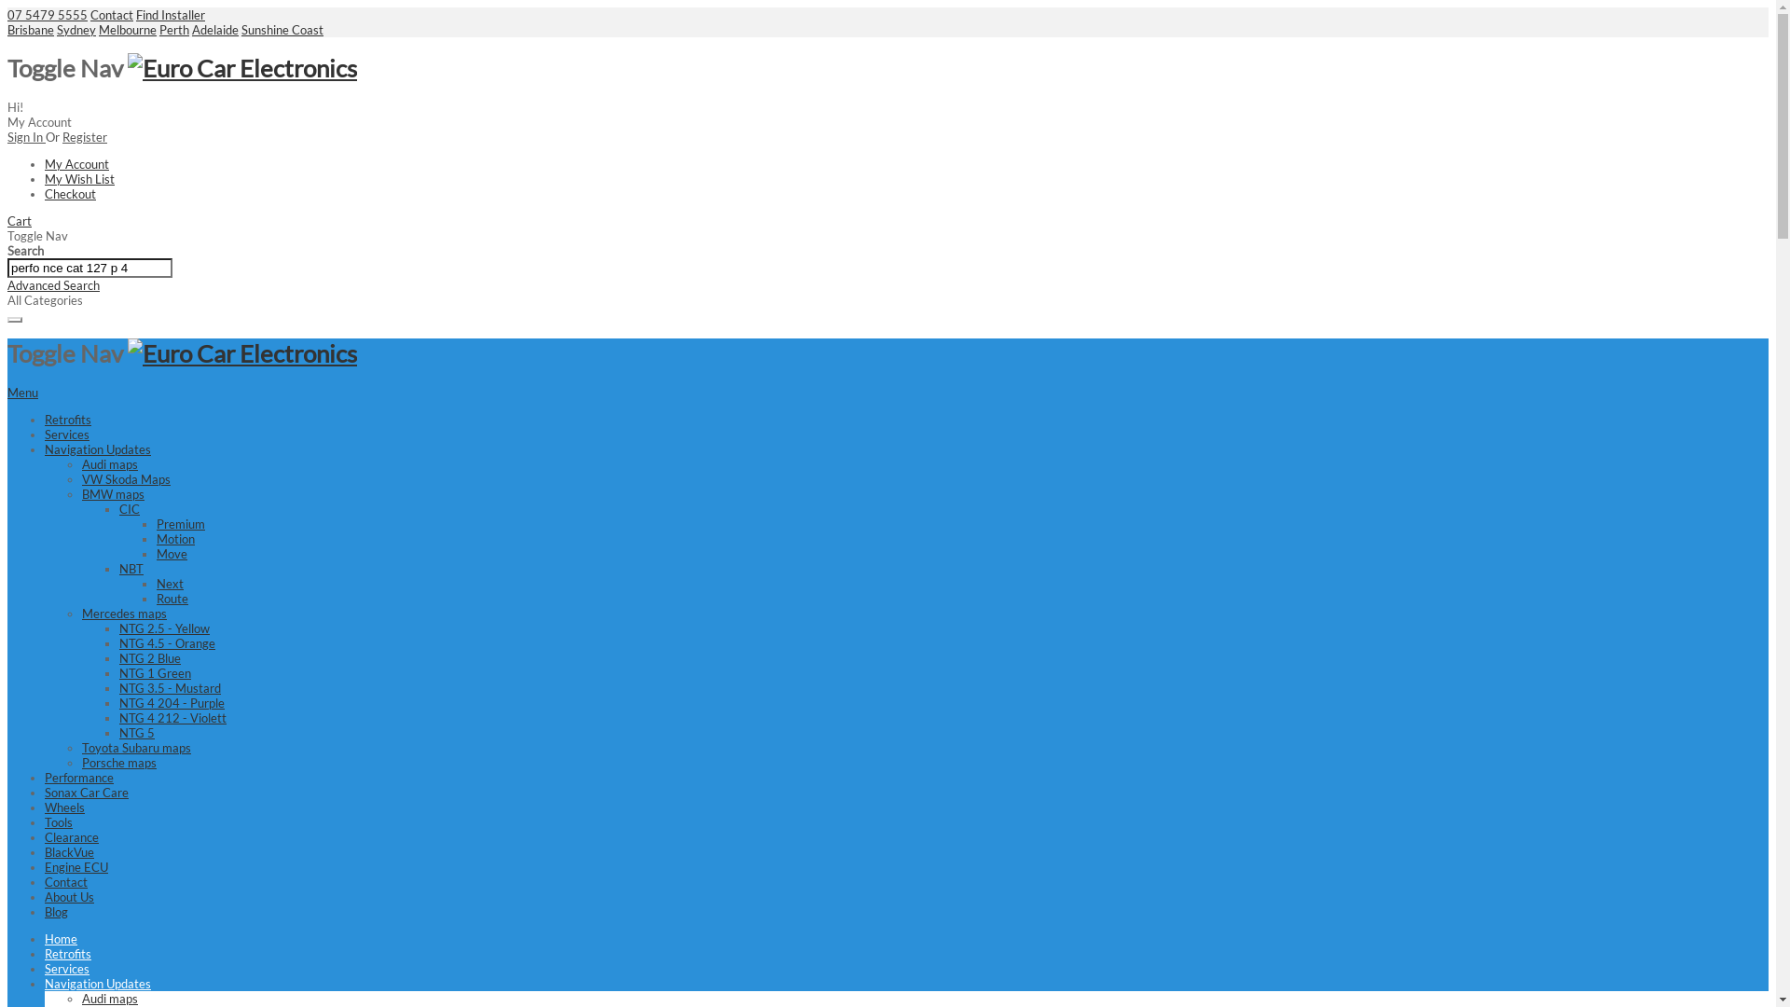  Describe the element at coordinates (78, 777) in the screenshot. I see `'Performance'` at that location.